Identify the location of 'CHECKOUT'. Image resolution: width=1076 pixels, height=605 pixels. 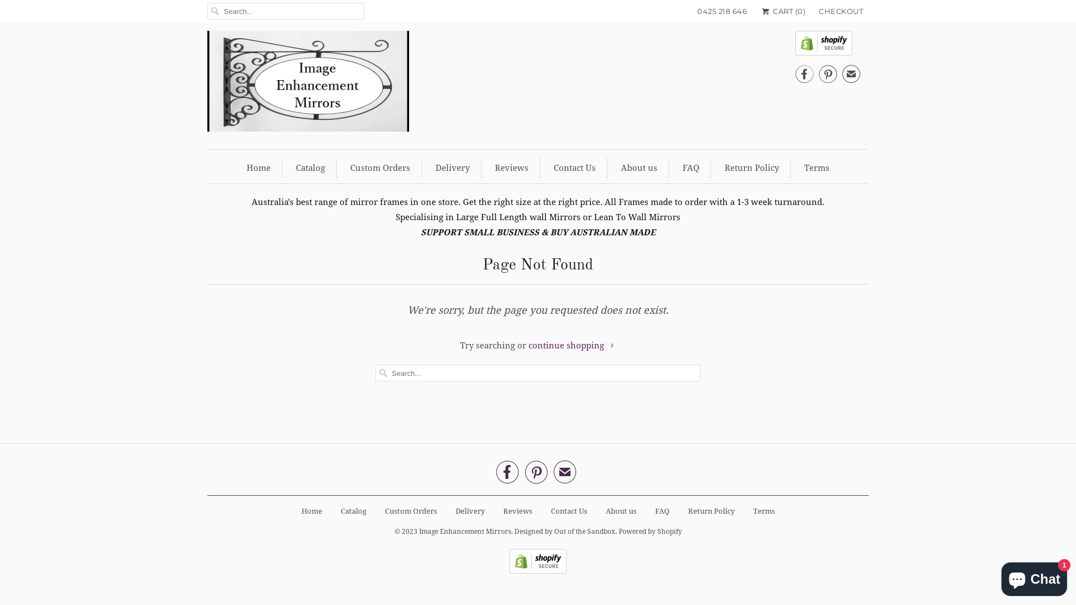
(841, 11).